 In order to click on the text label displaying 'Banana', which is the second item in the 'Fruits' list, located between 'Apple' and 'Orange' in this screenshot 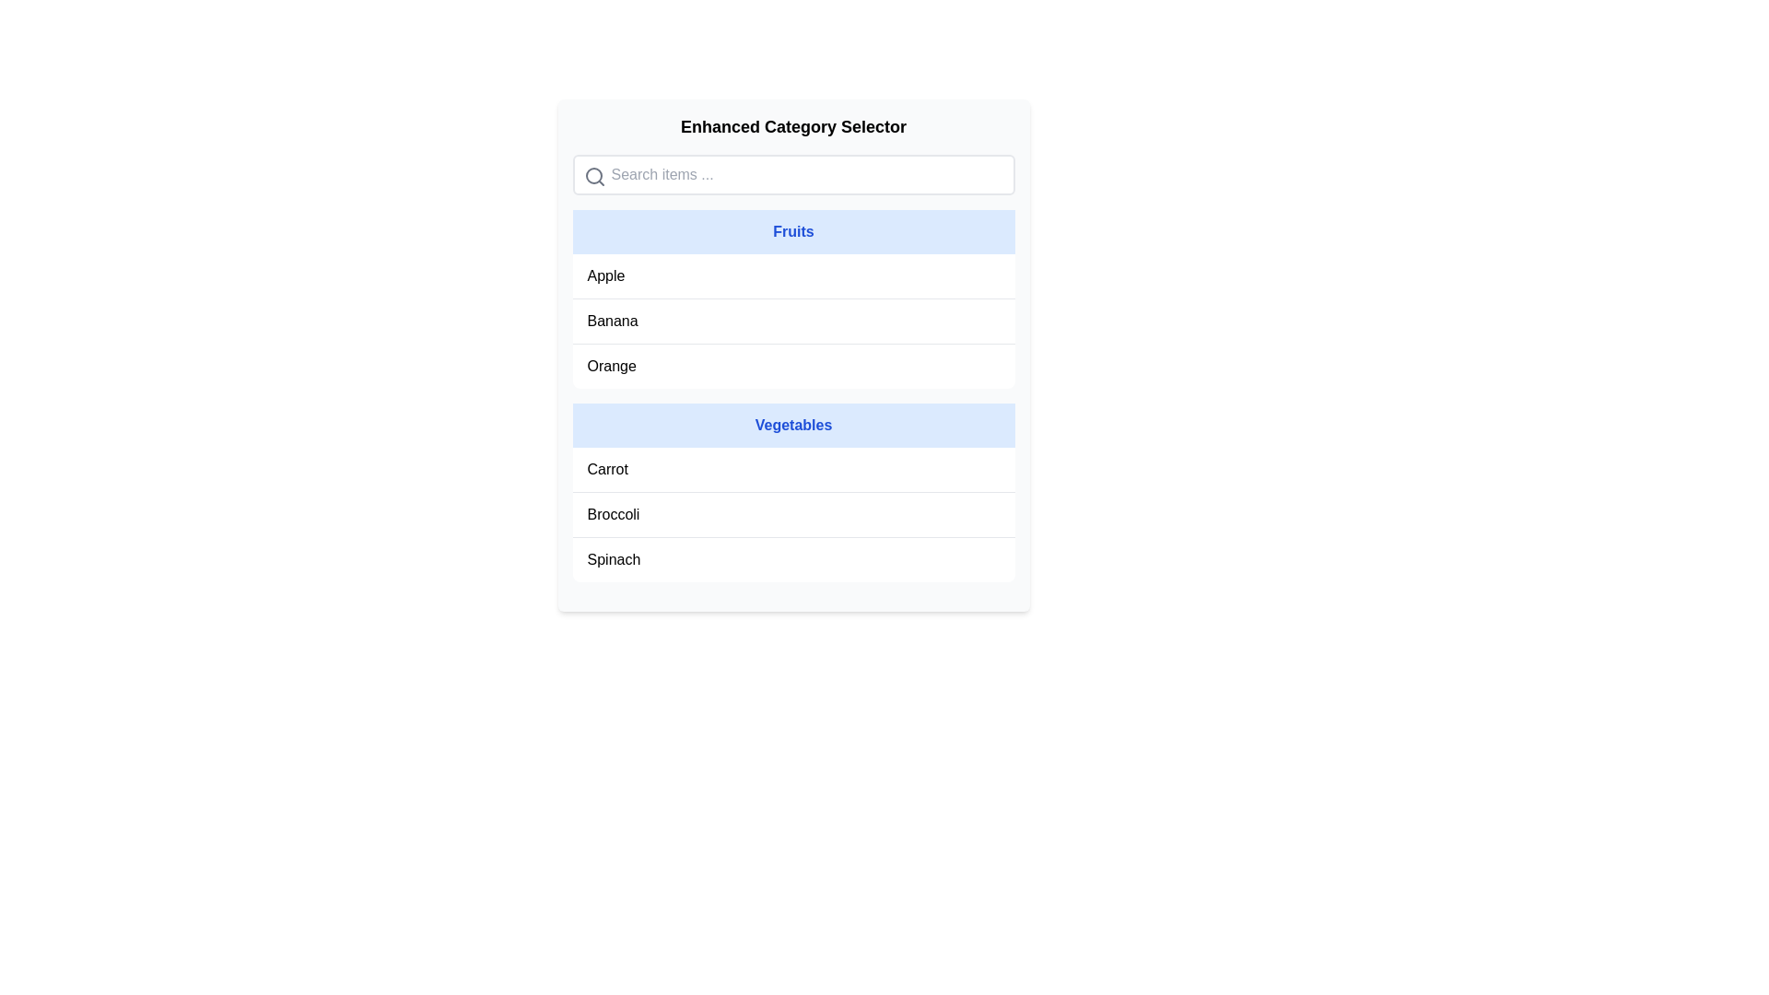, I will do `click(613, 320)`.